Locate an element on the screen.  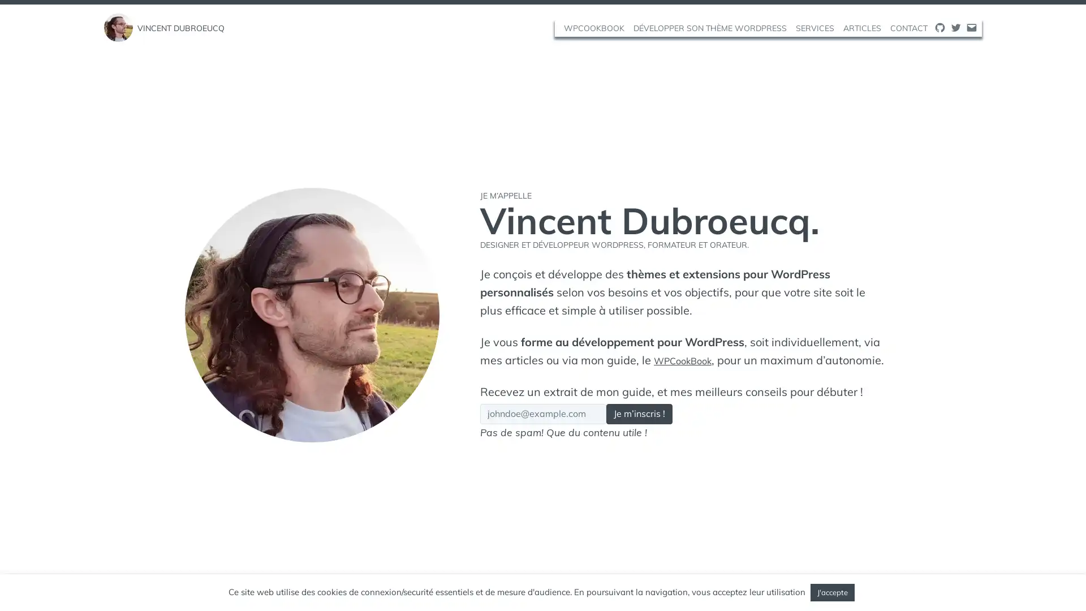
Je minscris ! is located at coordinates (673, 423).